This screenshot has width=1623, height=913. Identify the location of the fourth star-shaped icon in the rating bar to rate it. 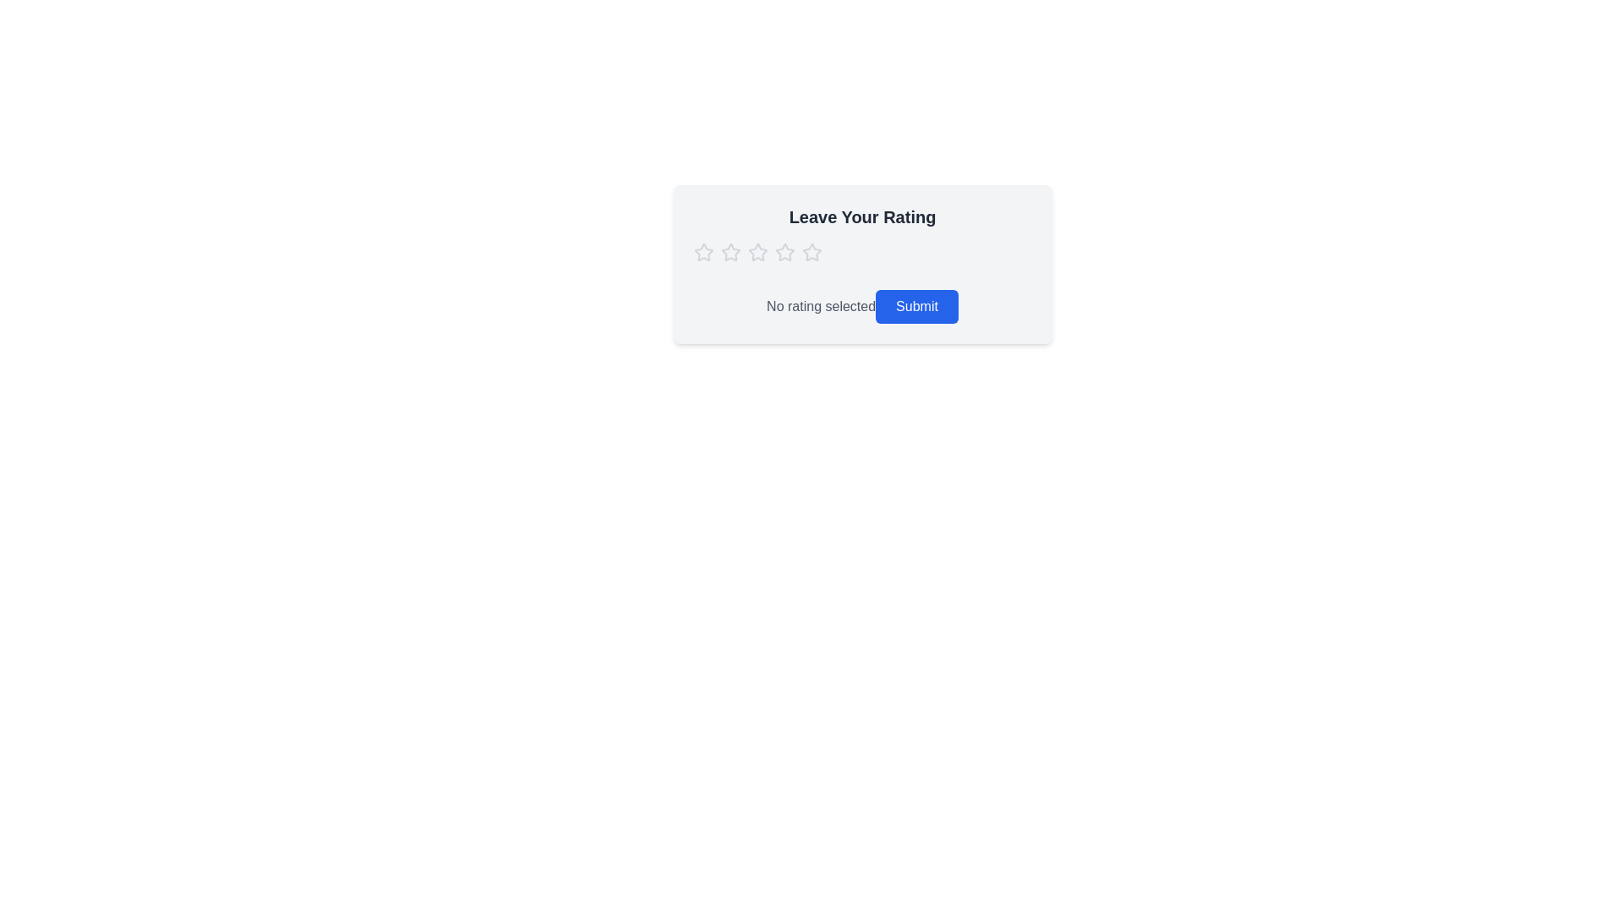
(811, 253).